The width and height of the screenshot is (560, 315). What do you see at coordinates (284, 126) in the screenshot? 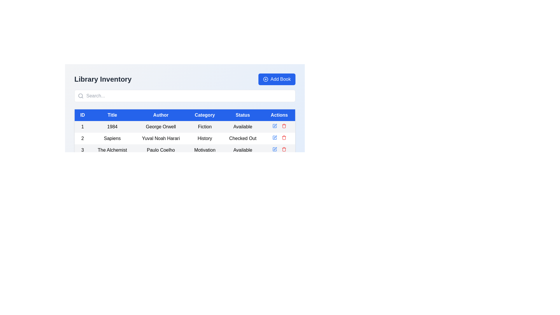
I see `the delete icon in the 'Actions' column of the third row for the record titled 'The Alchemist', which is the second action icon to the right of the blue edit icon` at bounding box center [284, 126].